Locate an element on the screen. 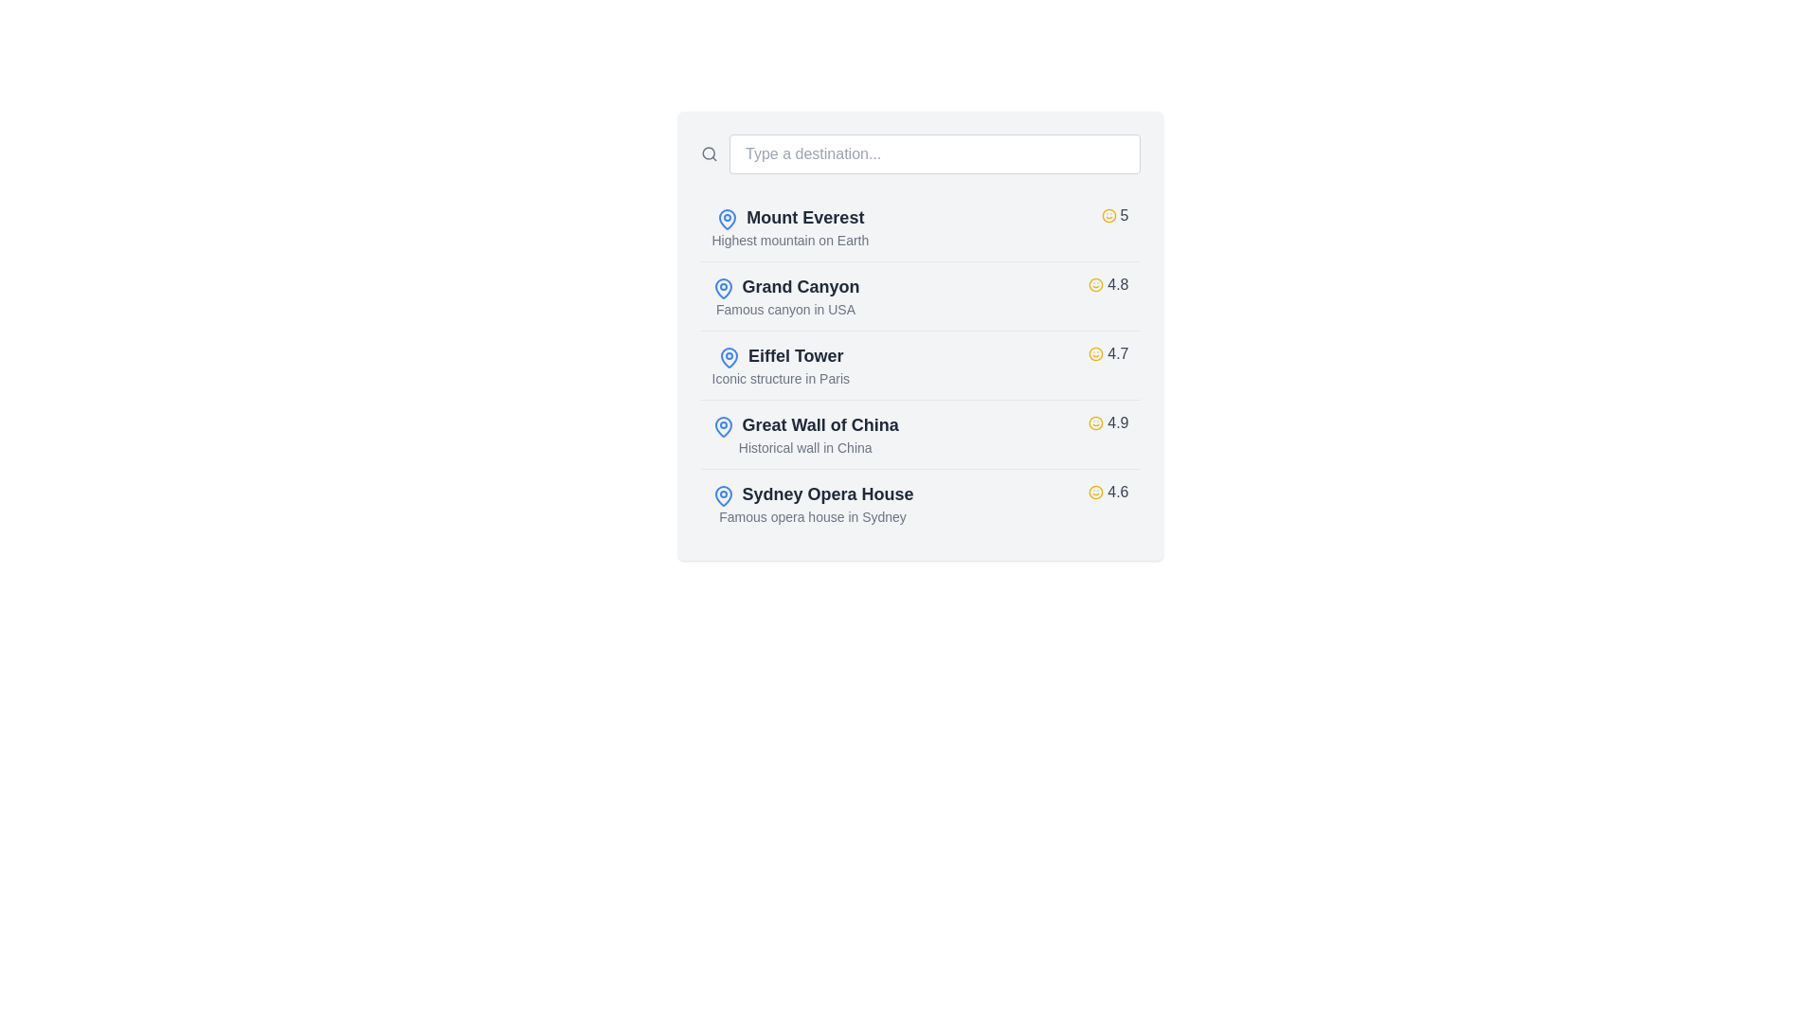  the text label displaying the rating for the 'Great Wall of China', which is located at the far right end of its row and is part of a group with a yellow smiley icon is located at coordinates (1118, 422).